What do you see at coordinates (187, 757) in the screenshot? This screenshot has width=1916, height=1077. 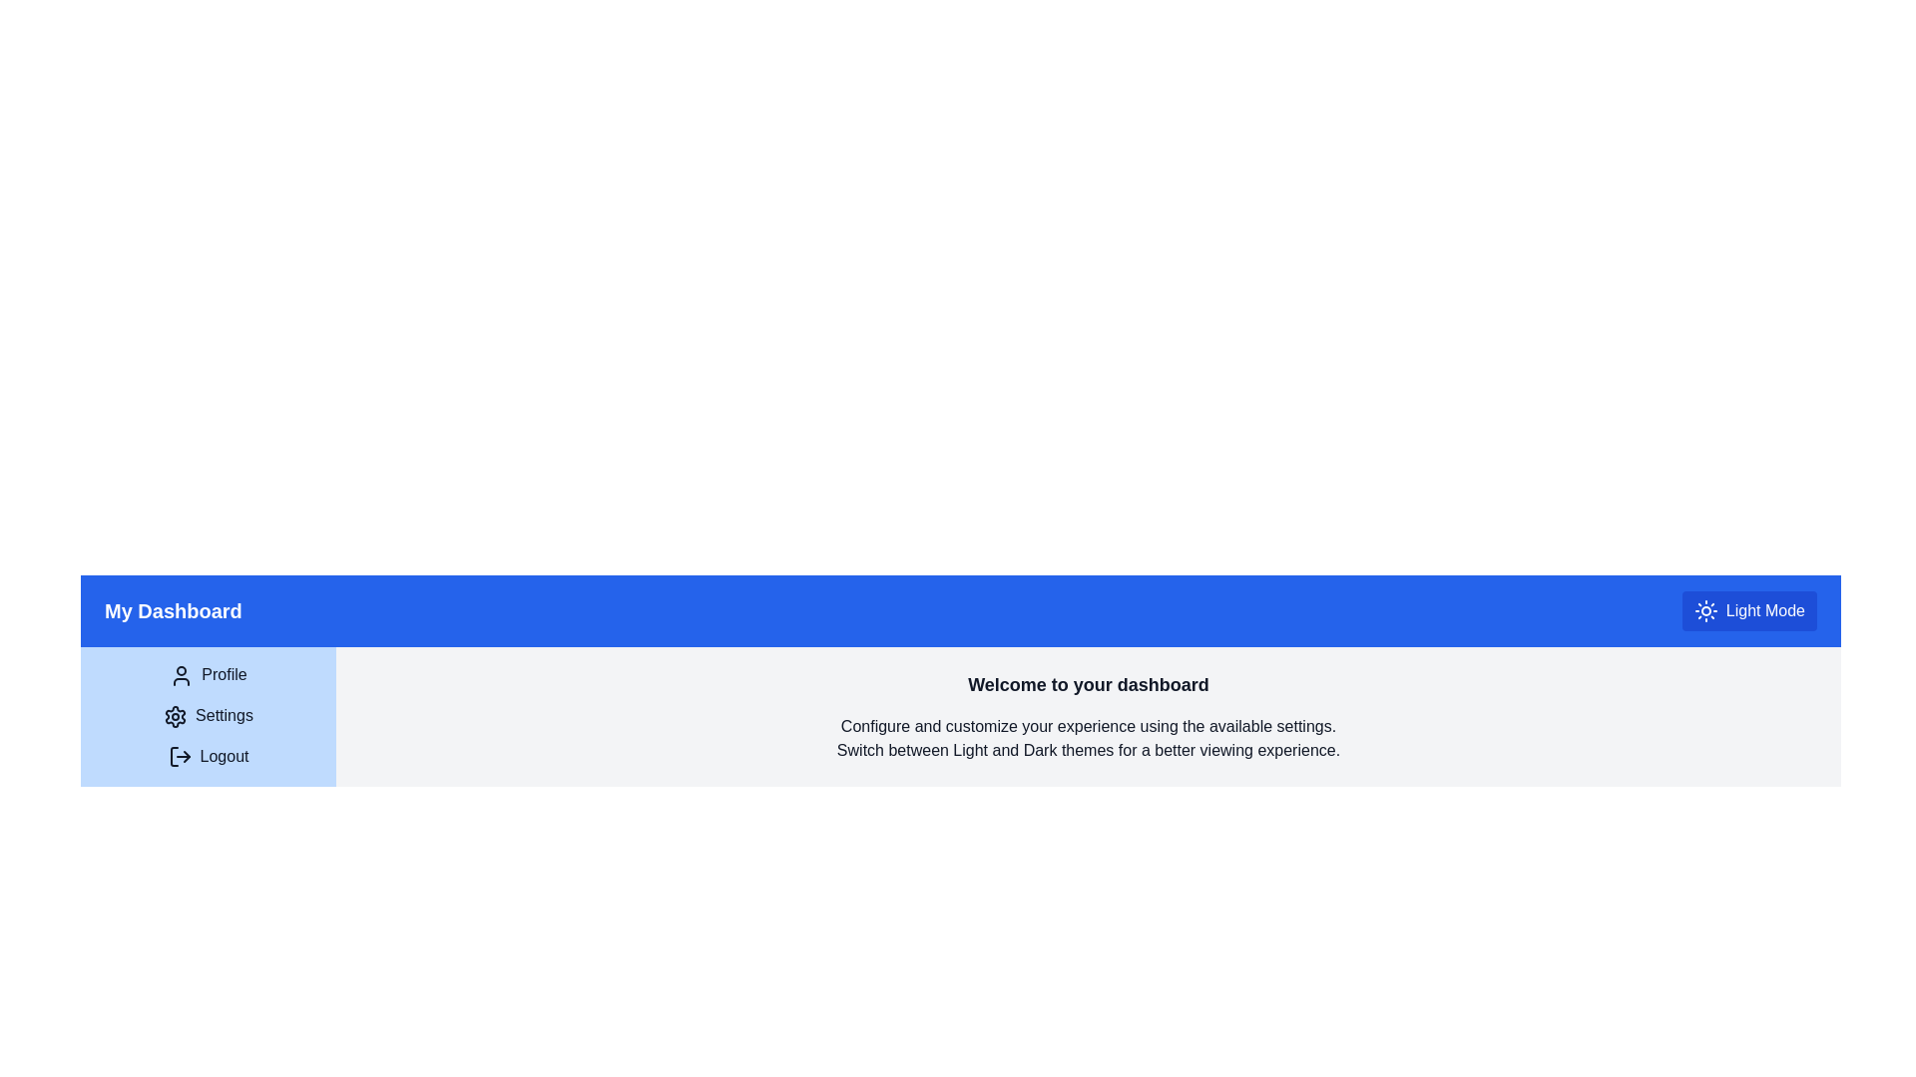 I see `the arrow-shaped graphic that is part of the logout symbol in the sidebar menu, positioned below the 'Settings' and 'Profile' options` at bounding box center [187, 757].